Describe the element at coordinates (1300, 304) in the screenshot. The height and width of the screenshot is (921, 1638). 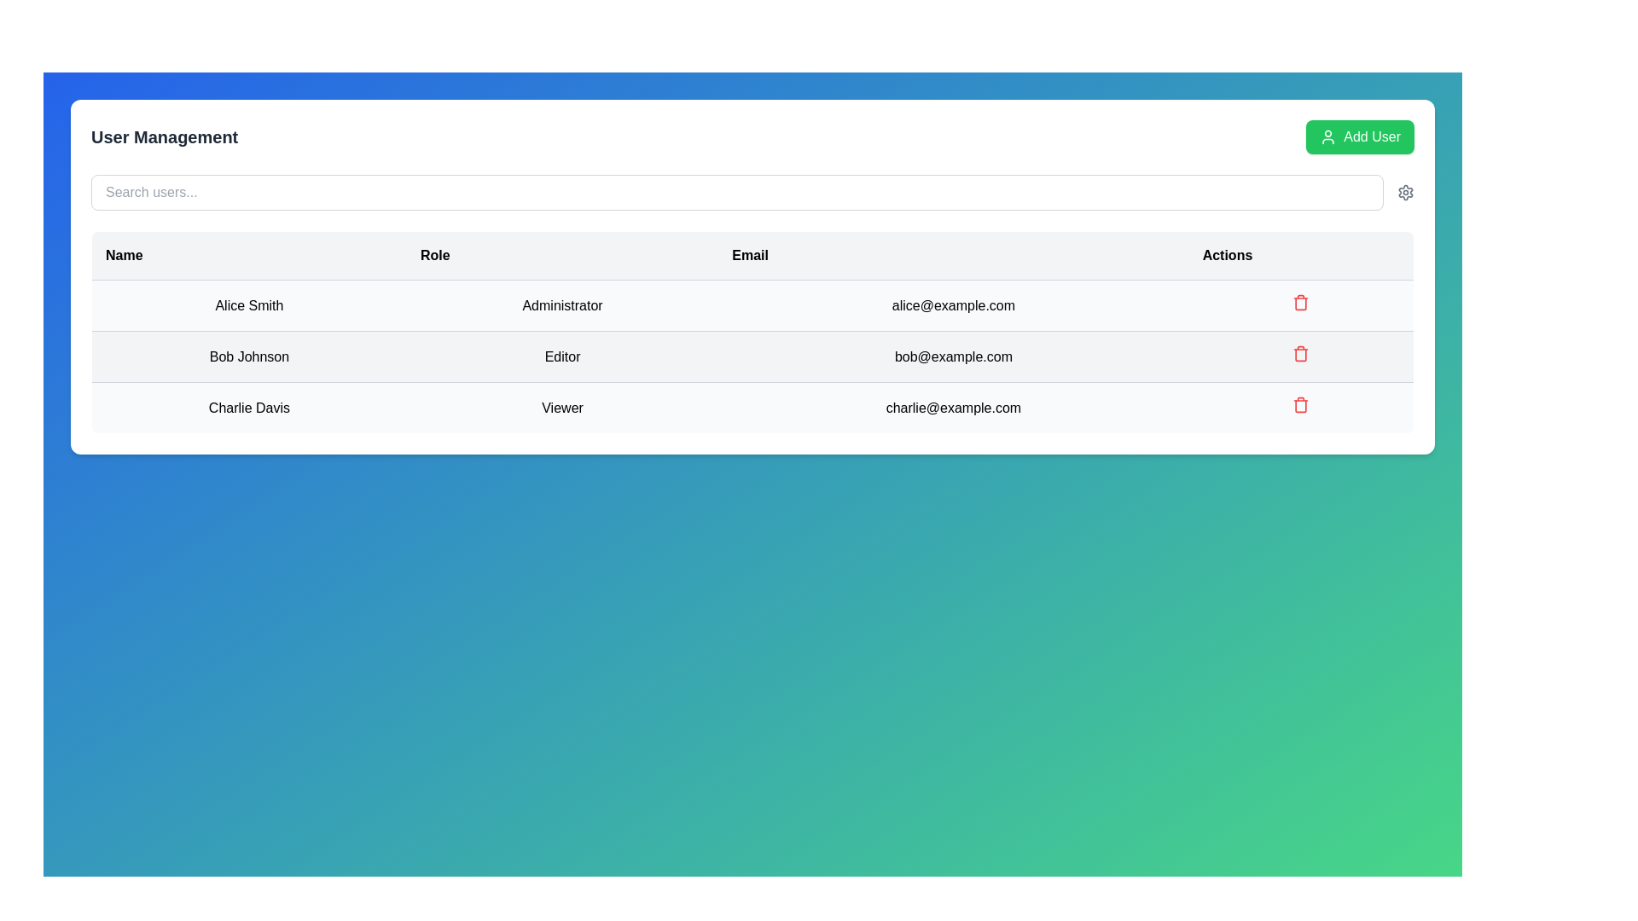
I see `the delete button icon located in the last column of the first row of the table, aligned with 'Alice Smith' in the 'Name' column` at that location.